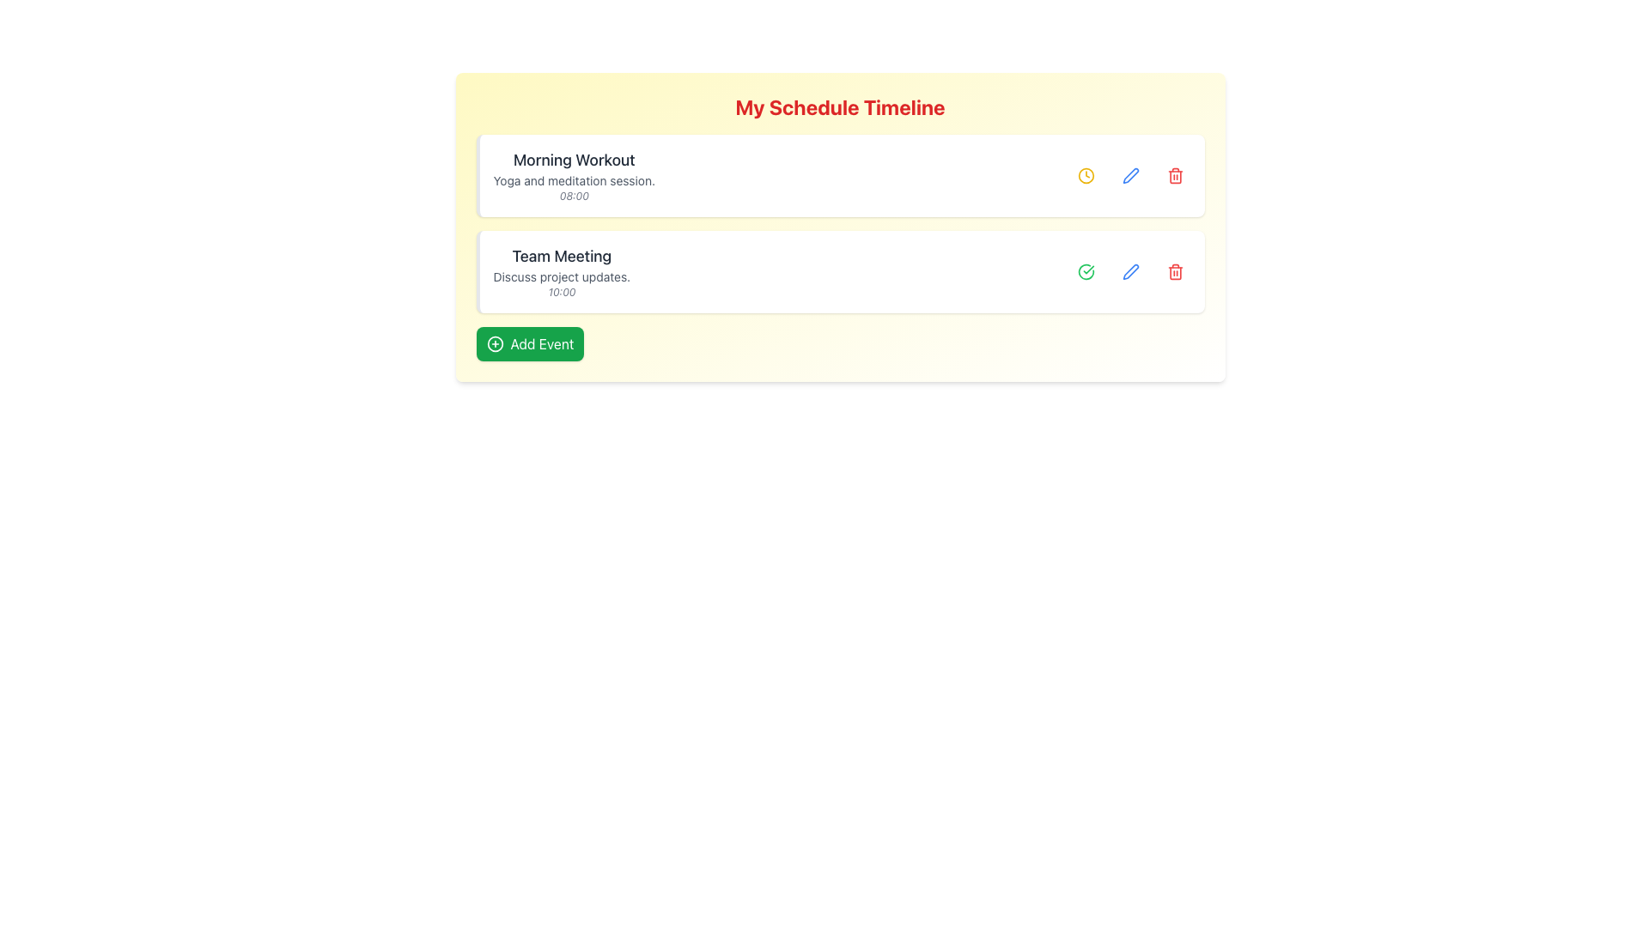 The width and height of the screenshot is (1649, 927). I want to click on the delete icon located on the right side of the second item in the vertically stacked list to initiate the delete action, so click(1174, 270).